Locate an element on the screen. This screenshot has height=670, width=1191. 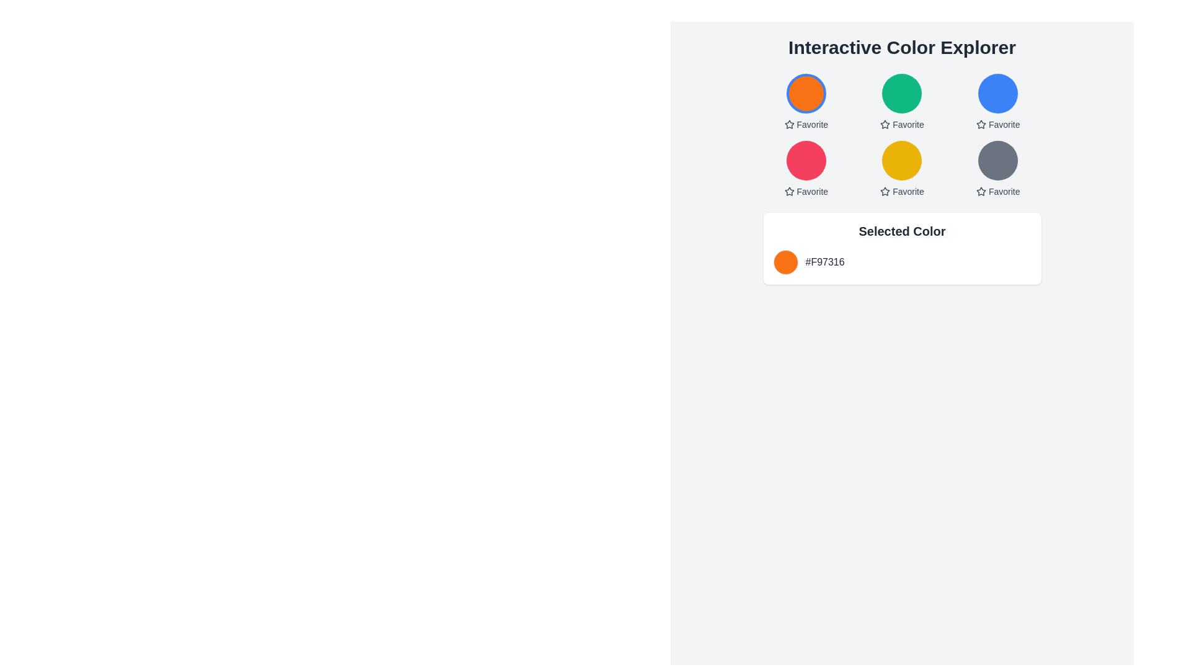
the star icon located at the top of the list of 'Favorite' indicators to mark it as favorite is located at coordinates (788, 124).